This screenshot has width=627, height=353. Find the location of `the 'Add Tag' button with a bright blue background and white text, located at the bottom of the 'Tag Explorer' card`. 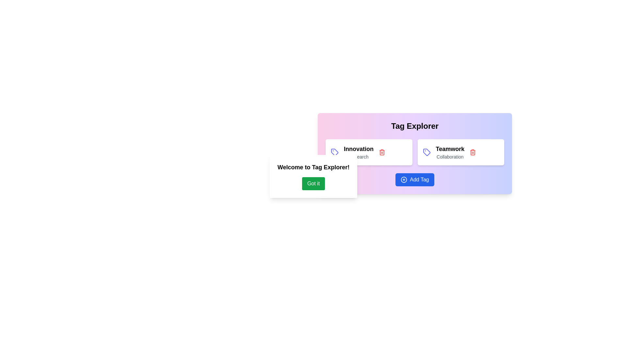

the 'Add Tag' button with a bright blue background and white text, located at the bottom of the 'Tag Explorer' card is located at coordinates (414, 180).